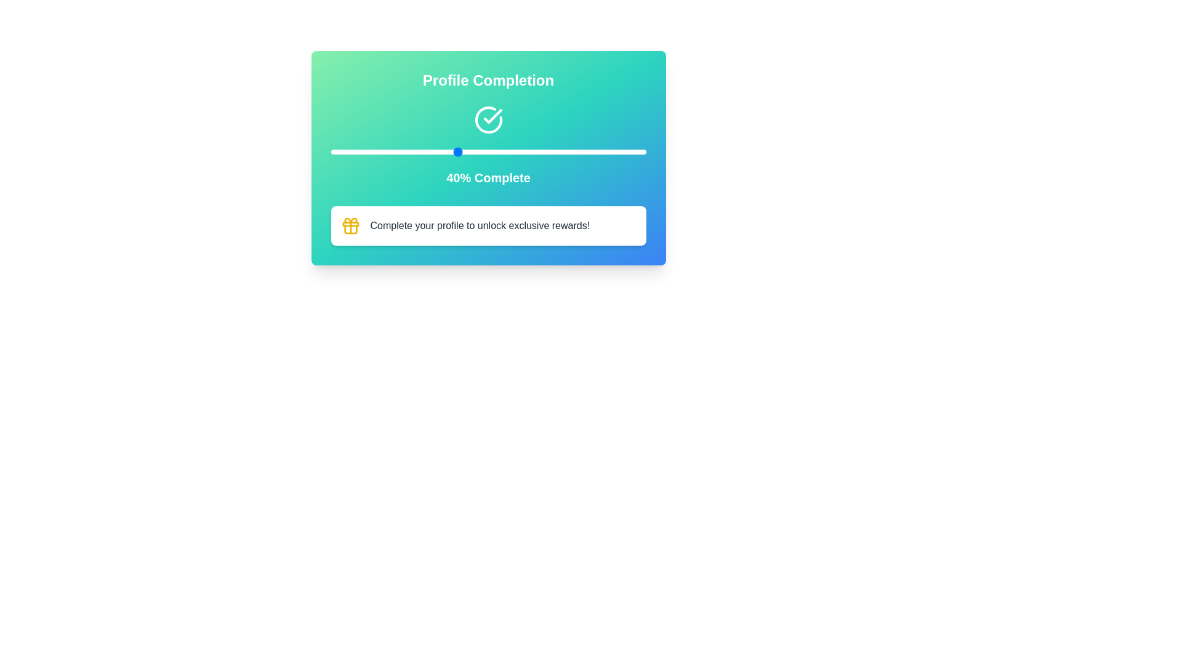 The height and width of the screenshot is (665, 1182). Describe the element at coordinates (523, 151) in the screenshot. I see `the slider to set the completion percentage to 61` at that location.